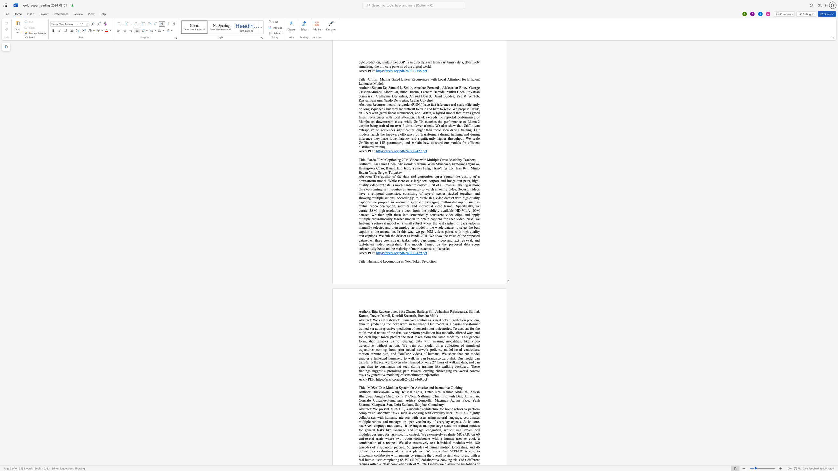 Image resolution: width=838 pixels, height=471 pixels. What do you see at coordinates (413, 379) in the screenshot?
I see `the 1th character "1" in the text` at bounding box center [413, 379].